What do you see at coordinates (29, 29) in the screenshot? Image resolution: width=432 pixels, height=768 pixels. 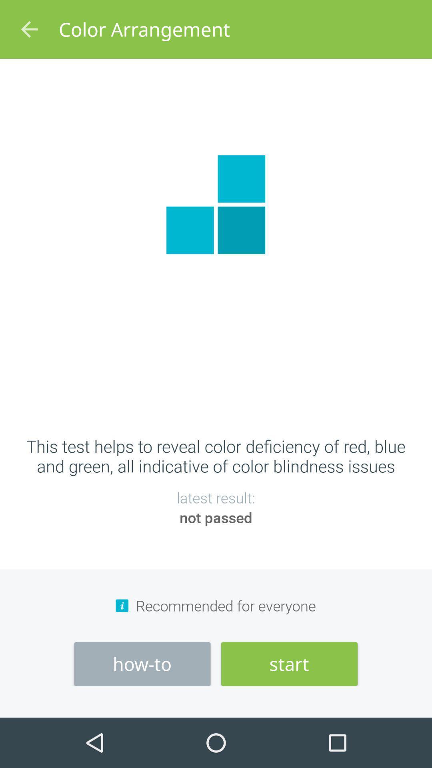 I see `icon next to the color arrangement` at bounding box center [29, 29].